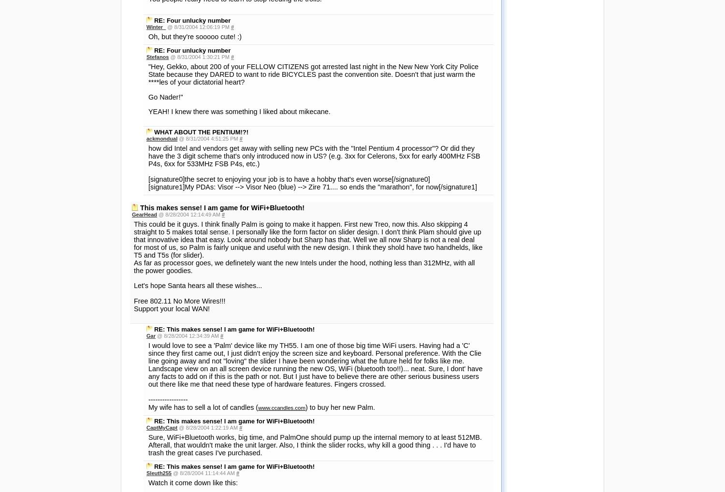  I want to click on 'hkklife', so click(154, 375).